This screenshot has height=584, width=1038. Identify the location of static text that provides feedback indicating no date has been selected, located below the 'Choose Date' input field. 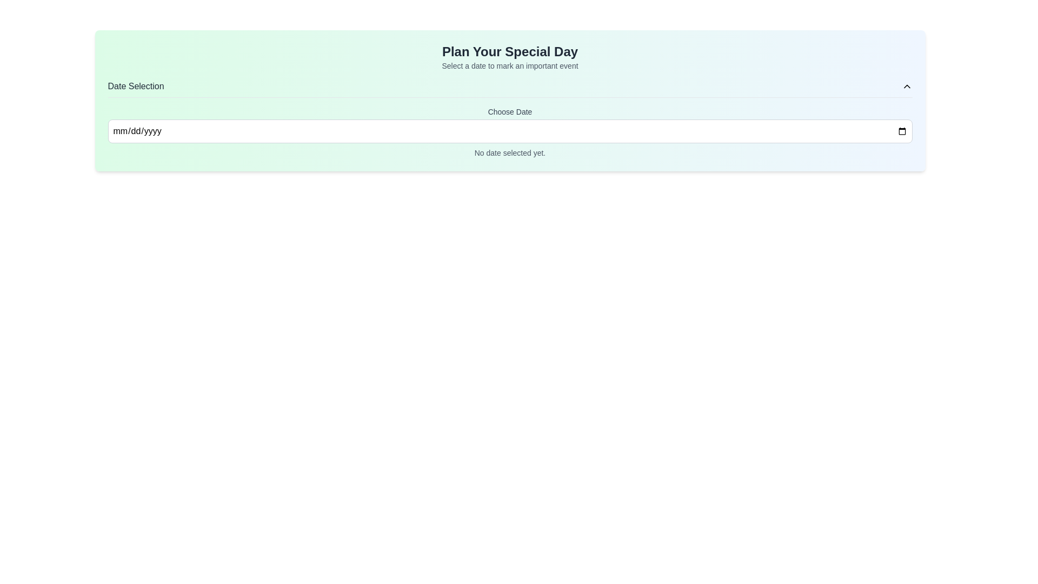
(509, 152).